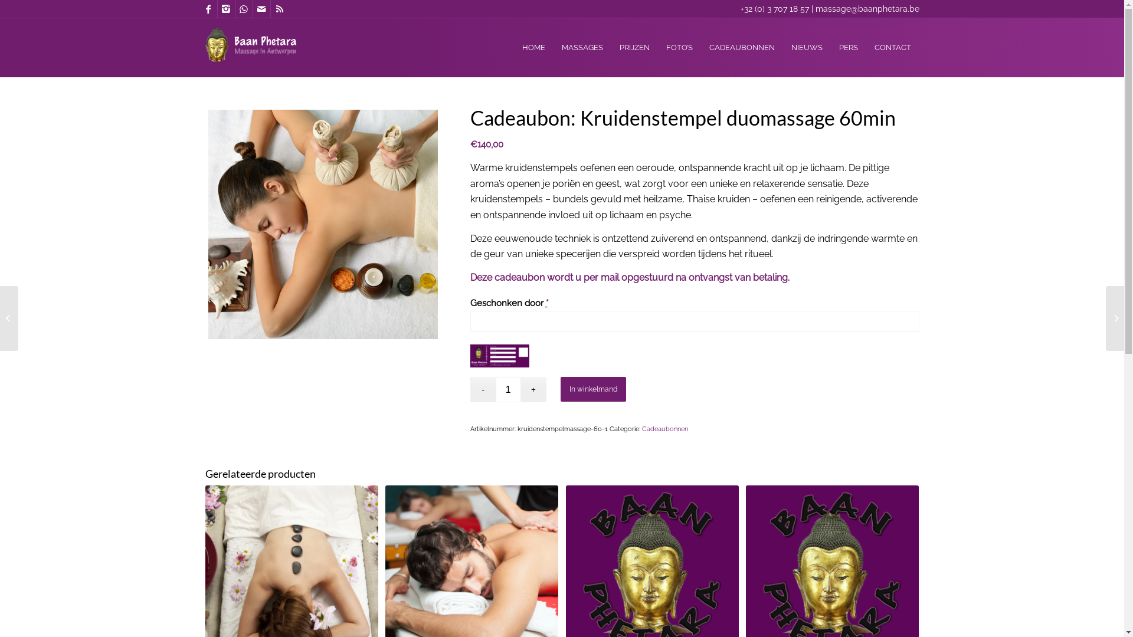  What do you see at coordinates (634, 47) in the screenshot?
I see `'PRIJZEN'` at bounding box center [634, 47].